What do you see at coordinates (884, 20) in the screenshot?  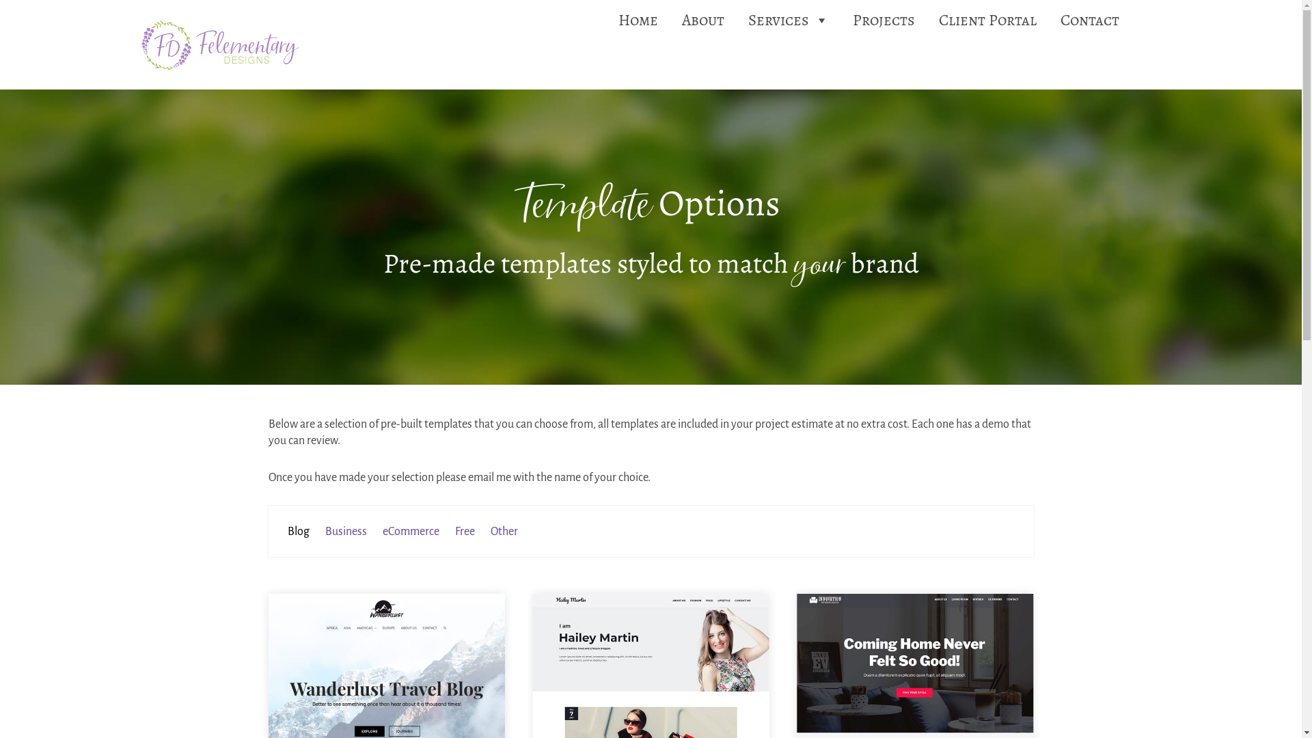 I see `'Projects'` at bounding box center [884, 20].